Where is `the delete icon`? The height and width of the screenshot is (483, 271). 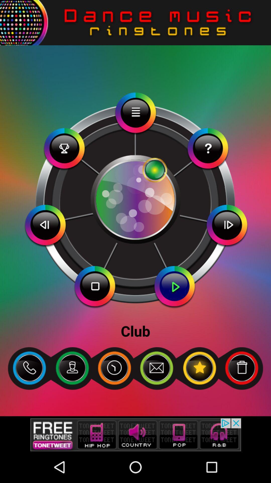 the delete icon is located at coordinates (241, 394).